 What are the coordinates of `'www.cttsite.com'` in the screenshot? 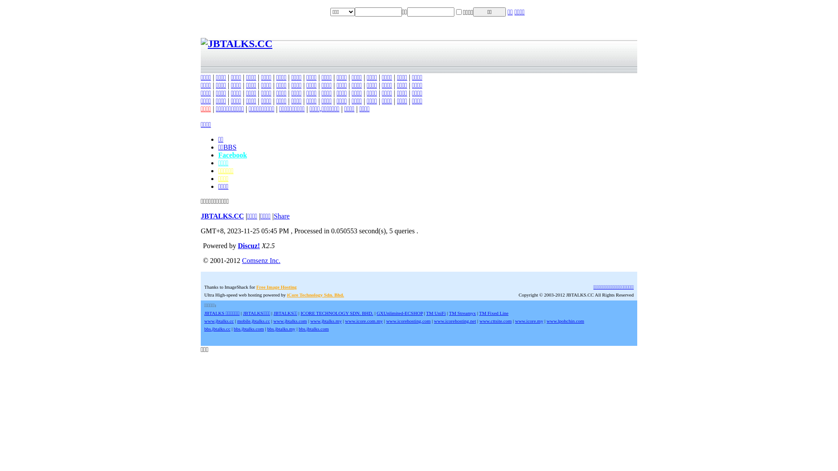 It's located at (495, 321).